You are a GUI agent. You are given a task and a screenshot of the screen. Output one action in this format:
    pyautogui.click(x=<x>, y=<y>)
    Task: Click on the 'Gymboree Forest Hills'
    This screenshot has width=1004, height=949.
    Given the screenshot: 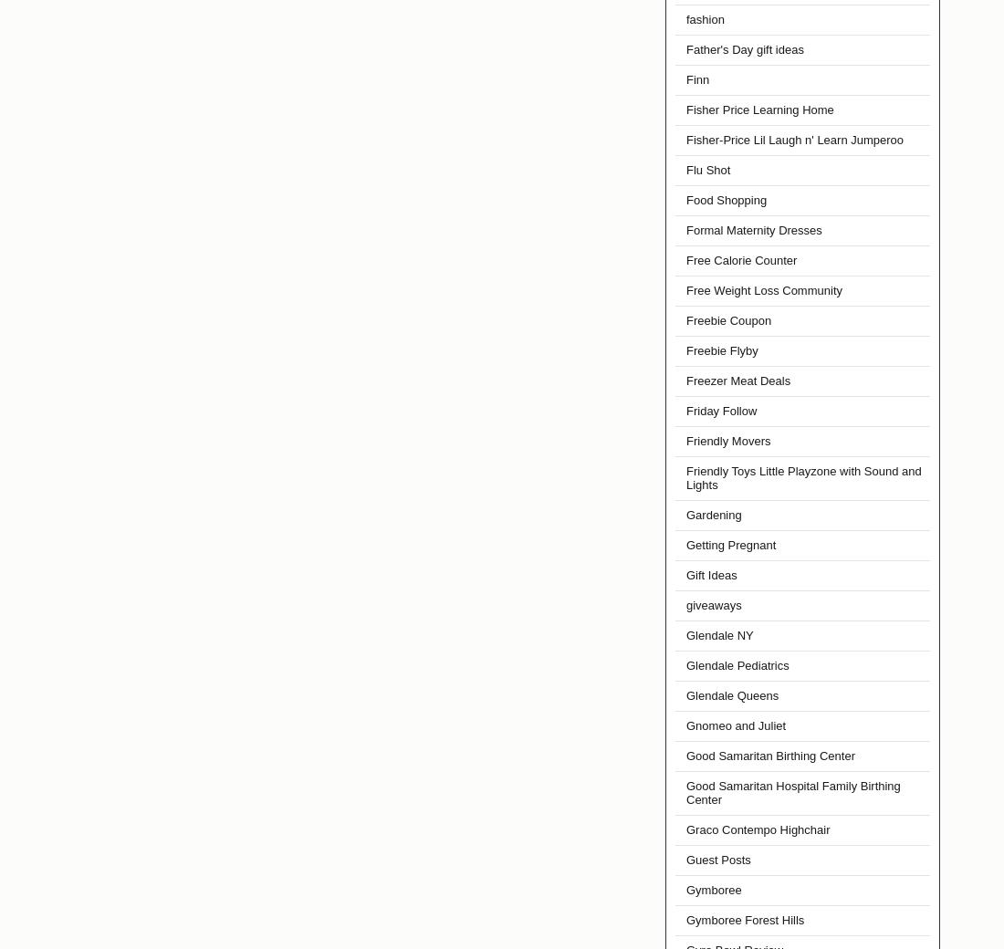 What is the action you would take?
    pyautogui.click(x=745, y=920)
    